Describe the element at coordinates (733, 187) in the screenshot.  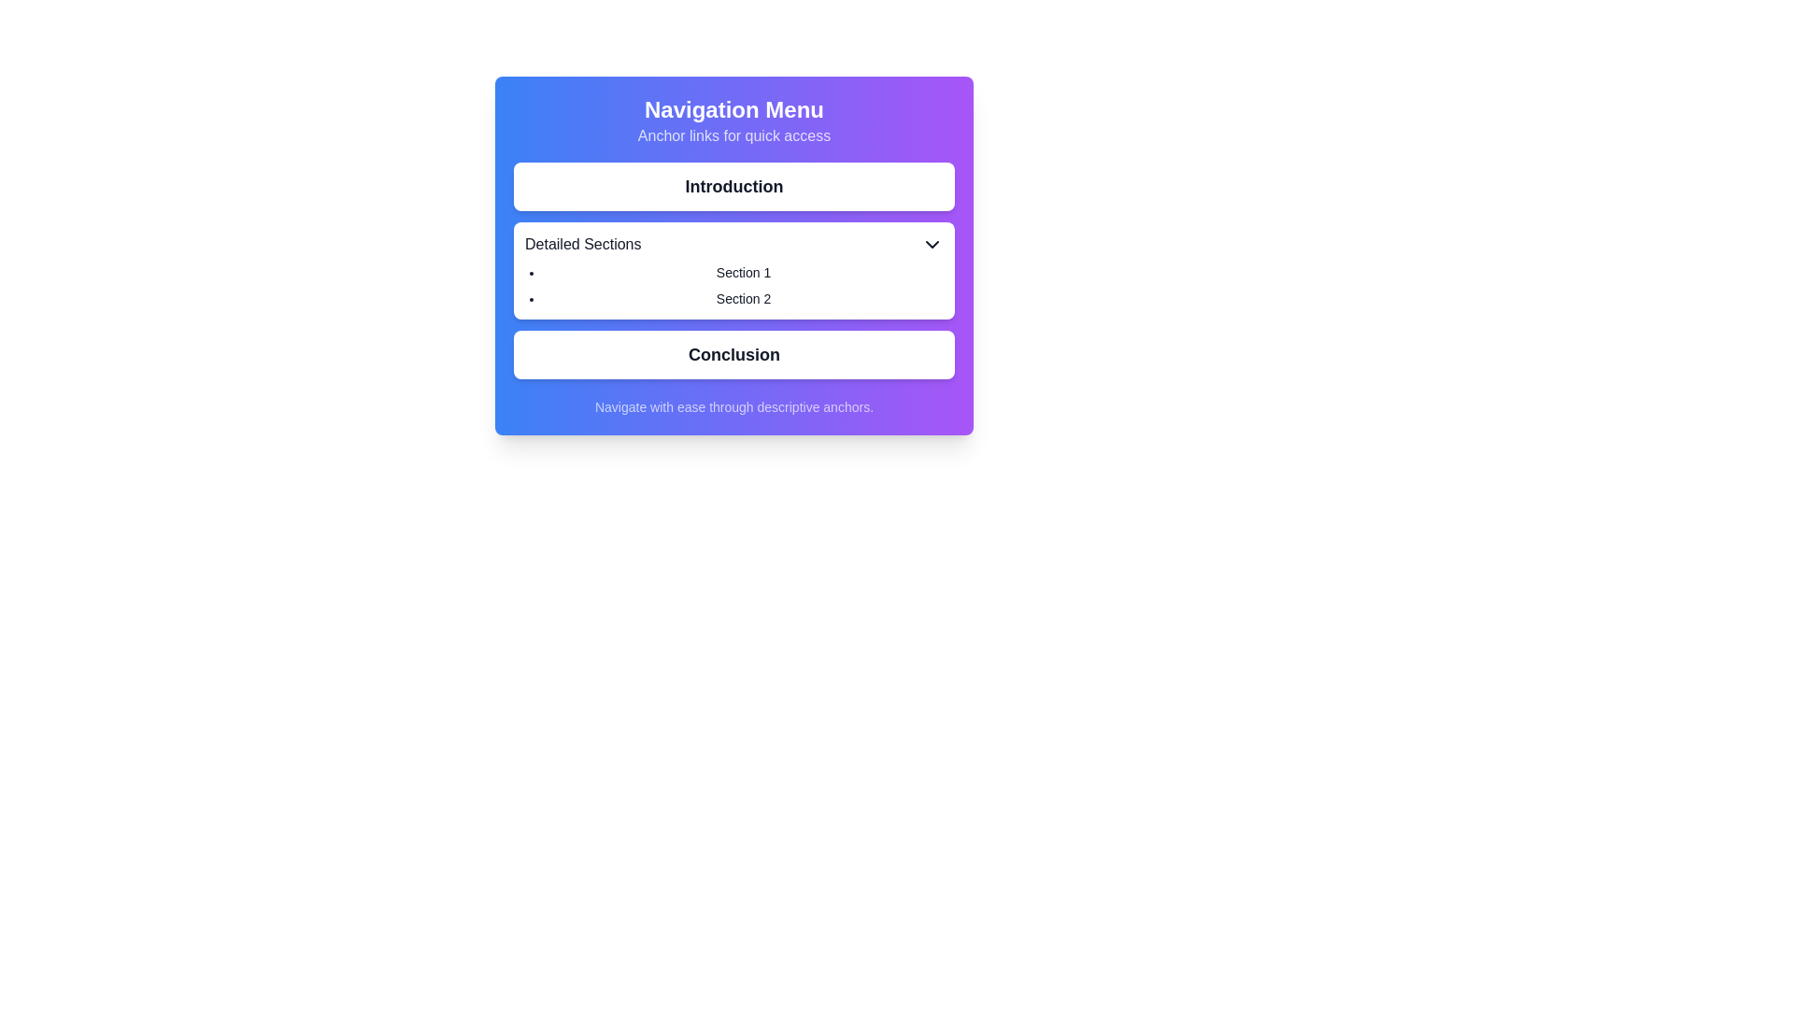
I see `the bolded 'Introduction' hyperlink in the Navigation Menu` at that location.